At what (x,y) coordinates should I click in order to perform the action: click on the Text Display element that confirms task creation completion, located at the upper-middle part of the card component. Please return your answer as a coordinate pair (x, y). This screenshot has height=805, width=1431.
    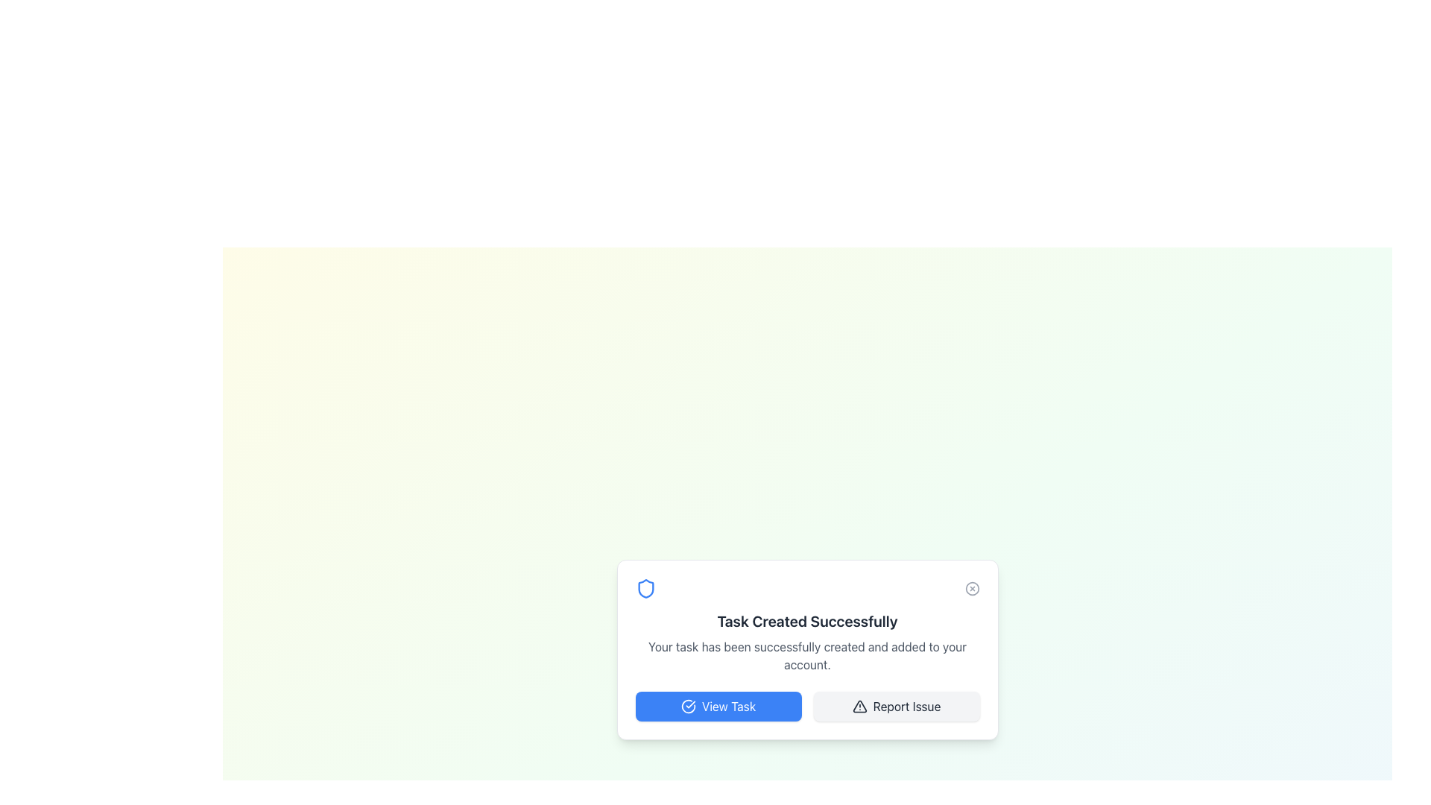
    Looking at the image, I should click on (806, 621).